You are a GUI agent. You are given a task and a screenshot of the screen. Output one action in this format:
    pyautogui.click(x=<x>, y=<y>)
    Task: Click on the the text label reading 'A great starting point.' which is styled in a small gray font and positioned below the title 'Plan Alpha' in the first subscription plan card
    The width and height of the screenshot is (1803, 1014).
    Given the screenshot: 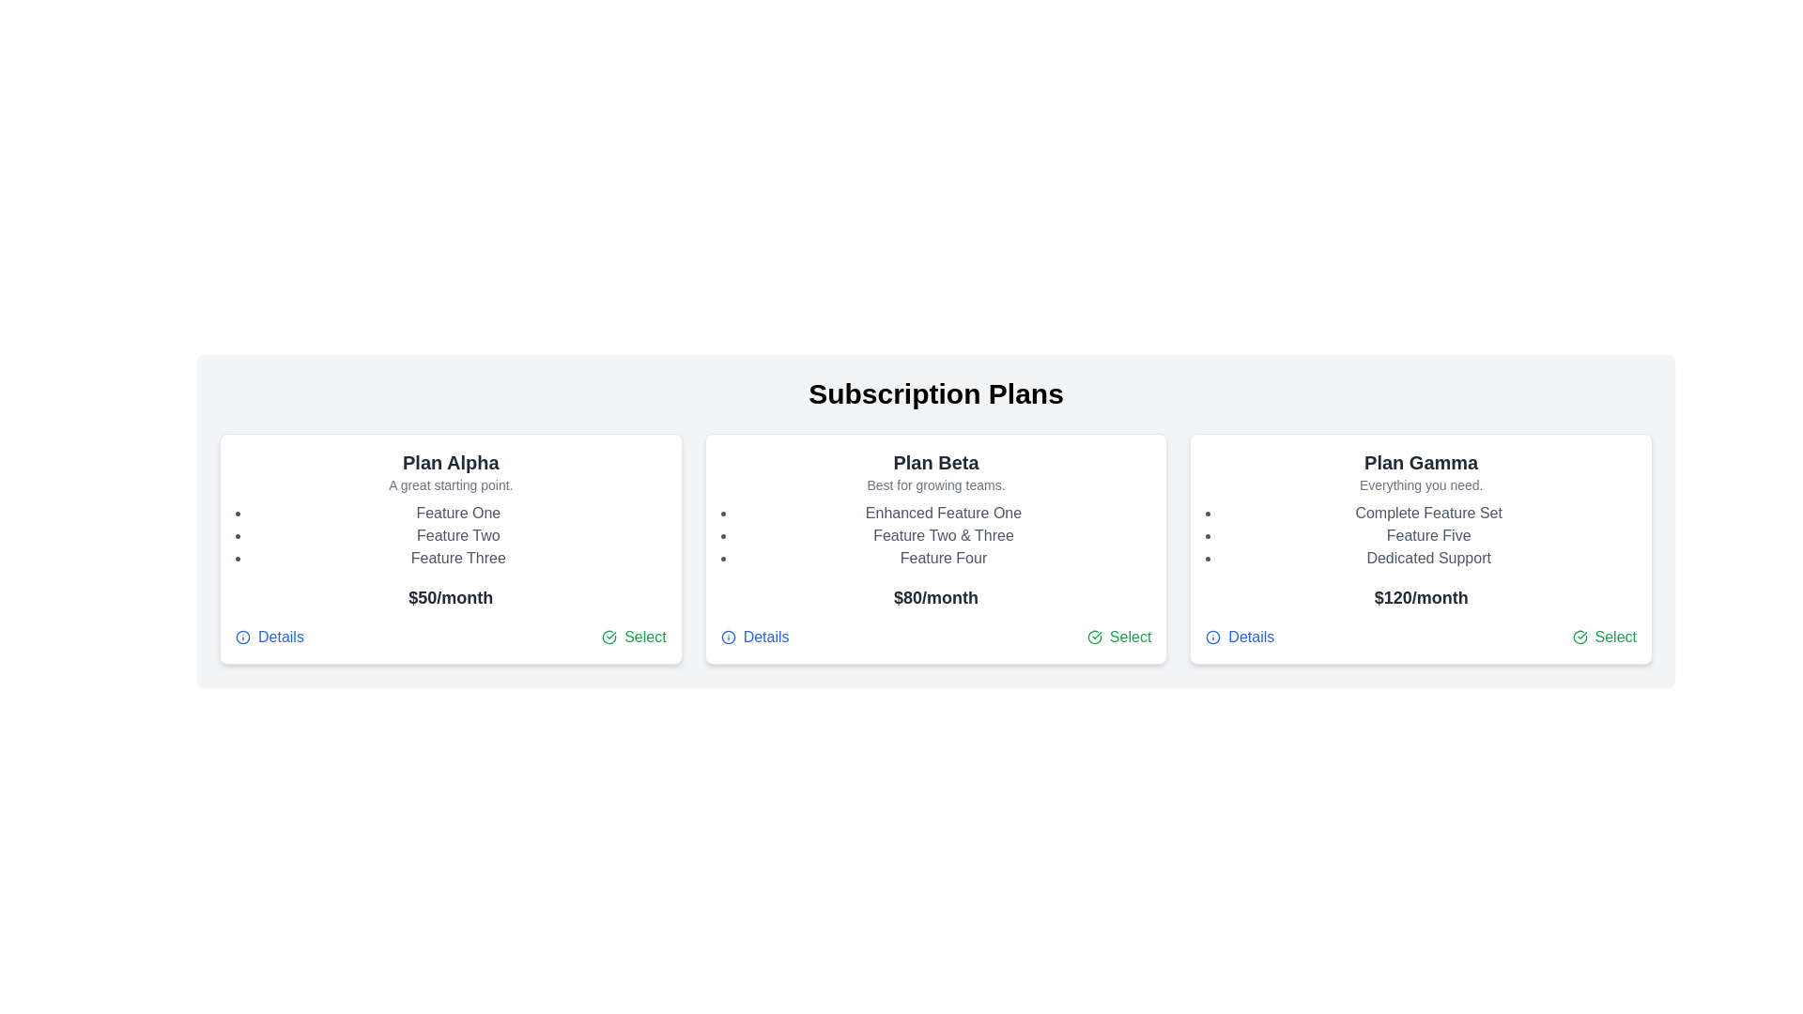 What is the action you would take?
    pyautogui.click(x=451, y=484)
    